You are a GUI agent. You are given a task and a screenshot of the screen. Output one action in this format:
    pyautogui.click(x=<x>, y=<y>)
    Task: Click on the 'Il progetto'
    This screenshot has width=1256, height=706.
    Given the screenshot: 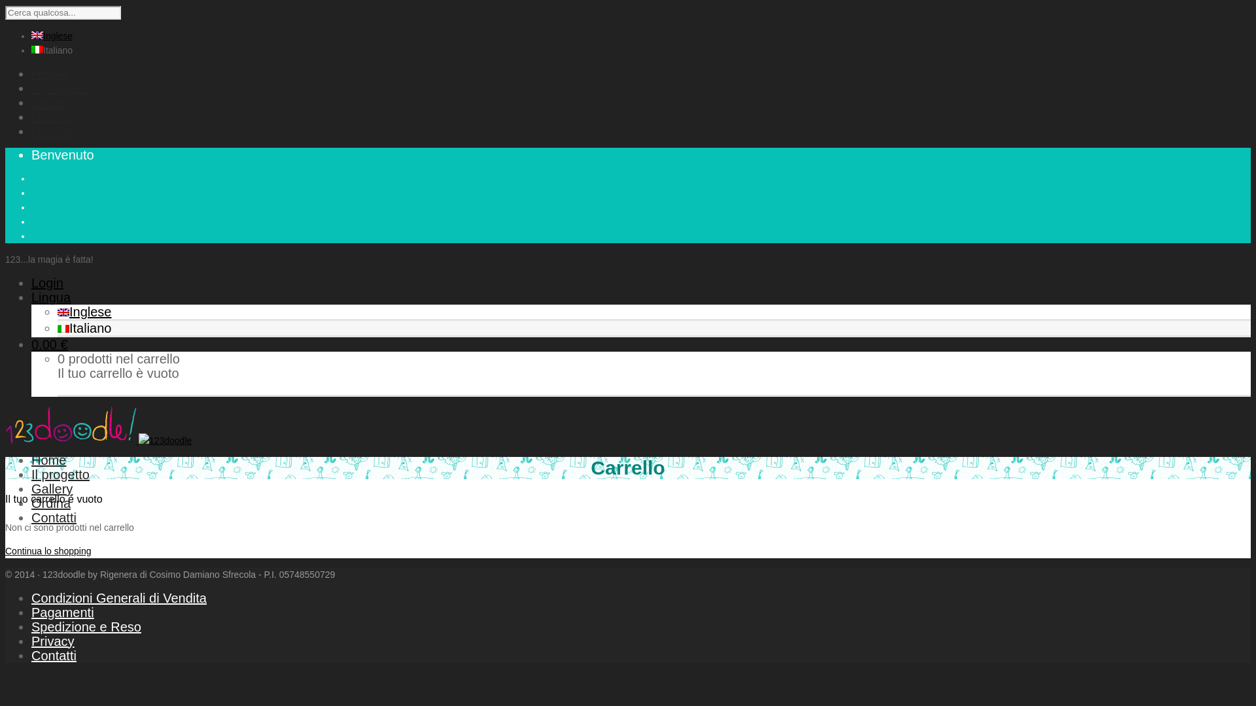 What is the action you would take?
    pyautogui.click(x=31, y=474)
    